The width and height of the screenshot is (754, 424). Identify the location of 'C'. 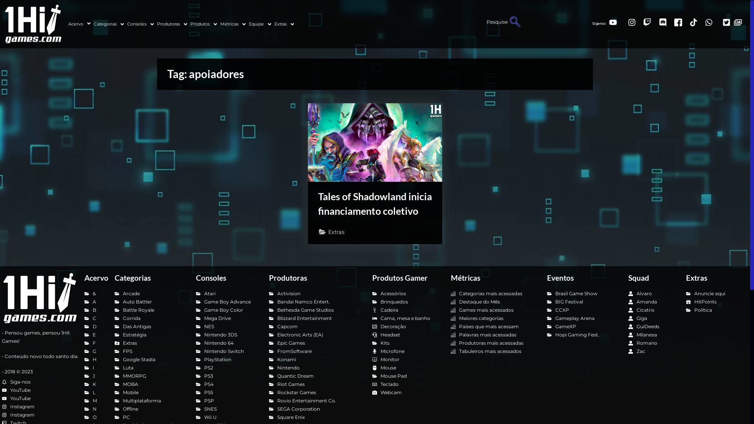
(95, 318).